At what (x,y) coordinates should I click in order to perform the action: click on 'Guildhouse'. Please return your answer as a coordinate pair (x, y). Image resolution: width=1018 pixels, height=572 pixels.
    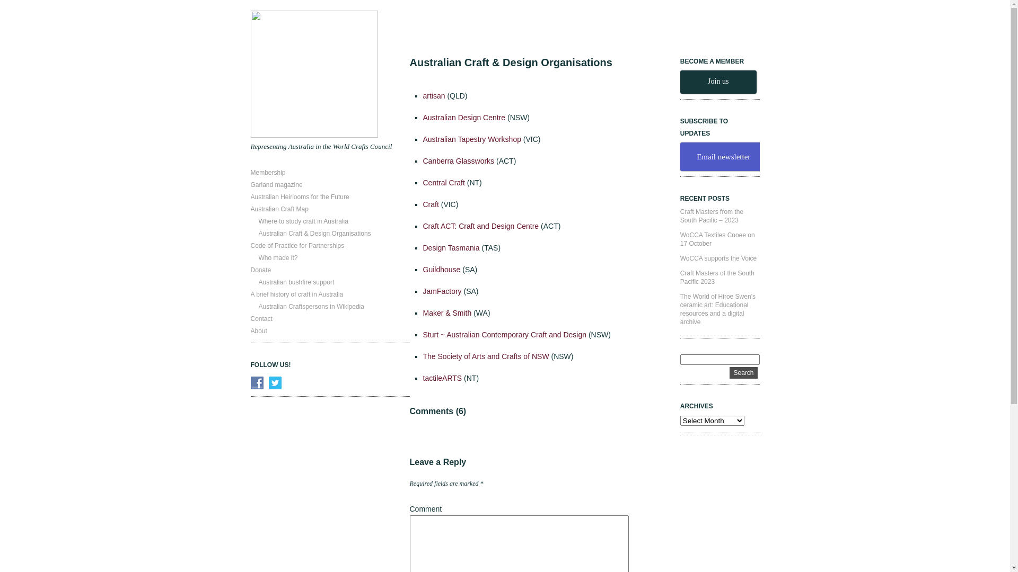
    Looking at the image, I should click on (422, 269).